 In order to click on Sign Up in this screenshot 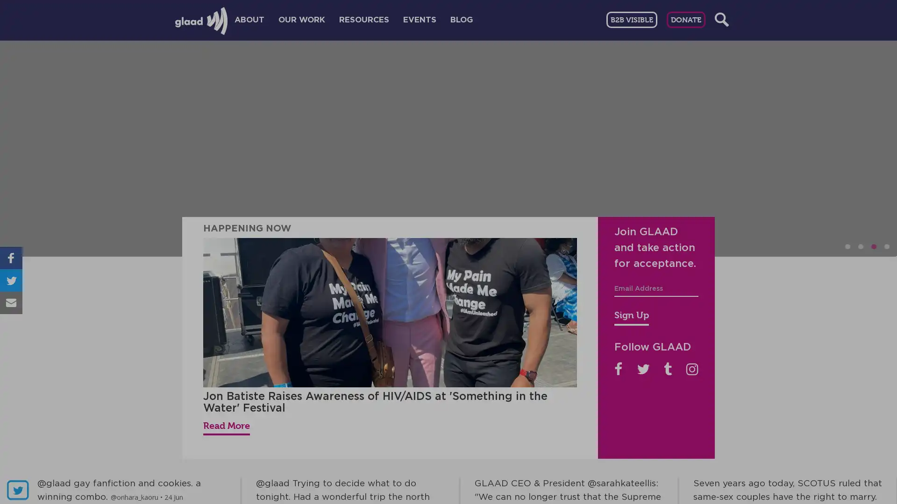, I will do `click(632, 316)`.